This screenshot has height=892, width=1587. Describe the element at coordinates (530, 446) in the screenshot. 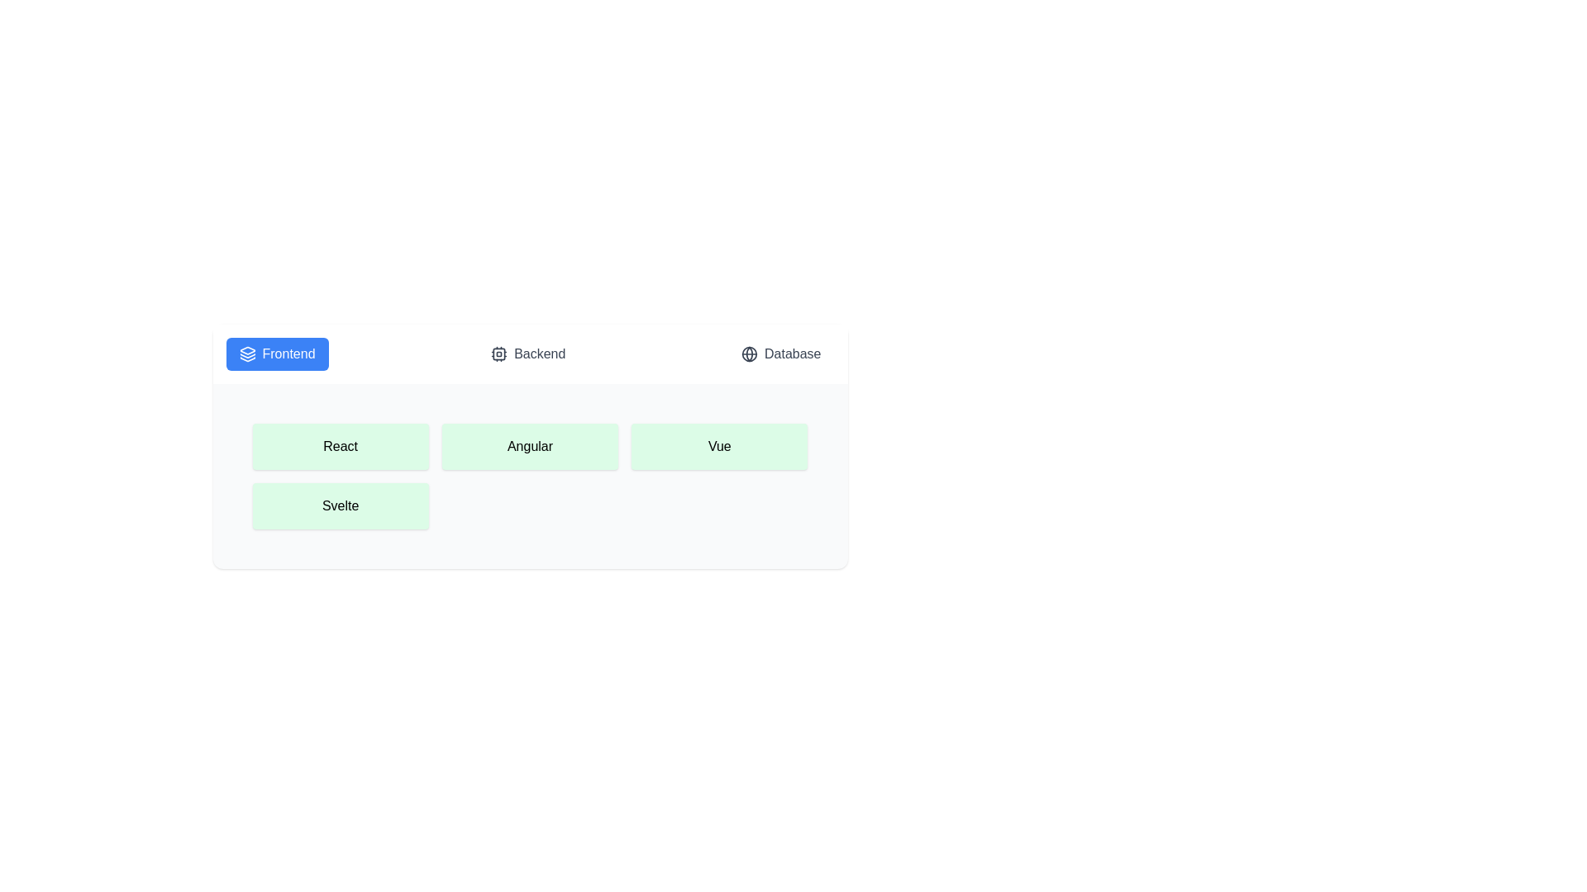

I see `the framework Angular to interact with it` at that location.